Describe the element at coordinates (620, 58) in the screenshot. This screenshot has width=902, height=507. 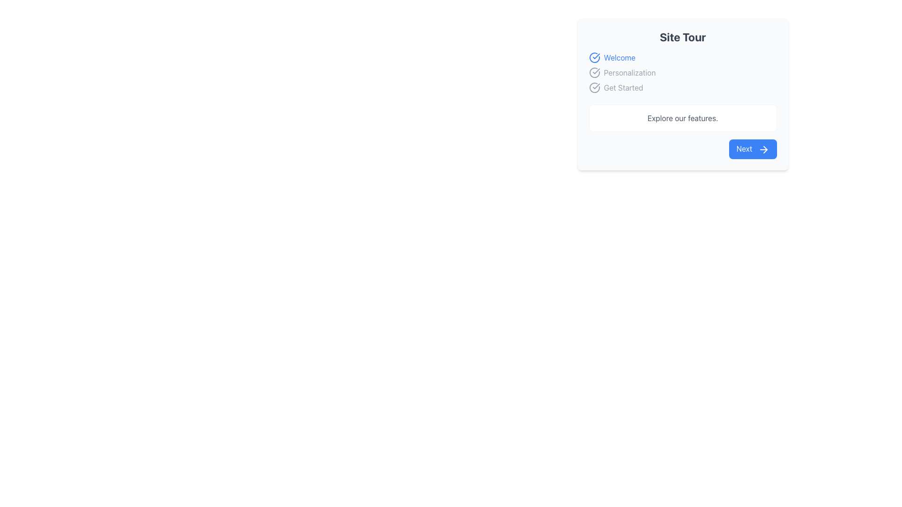
I see `text of the first label in the checklist under the 'Site Tour' heading, which indicates the title or category of the item` at that location.